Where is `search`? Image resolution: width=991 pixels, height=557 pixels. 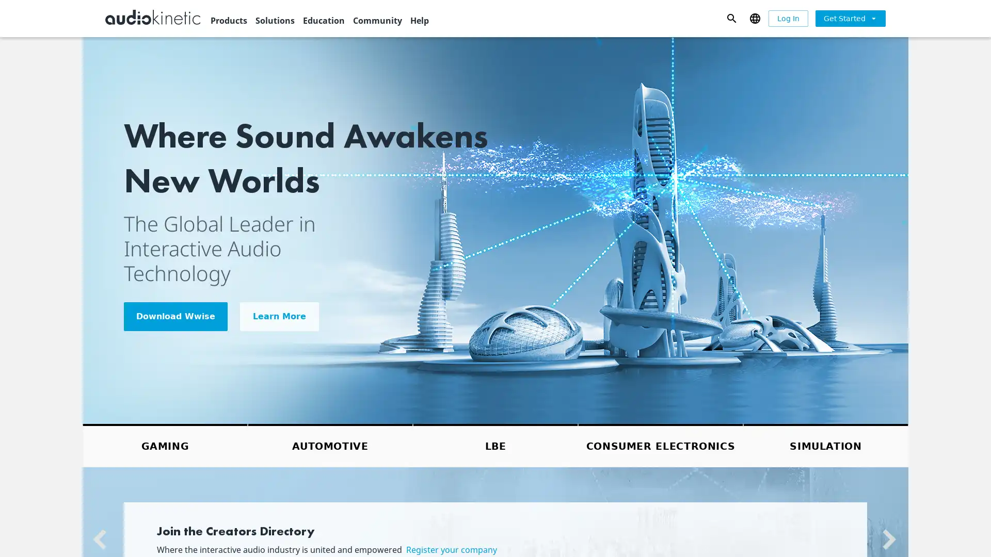
search is located at coordinates (731, 18).